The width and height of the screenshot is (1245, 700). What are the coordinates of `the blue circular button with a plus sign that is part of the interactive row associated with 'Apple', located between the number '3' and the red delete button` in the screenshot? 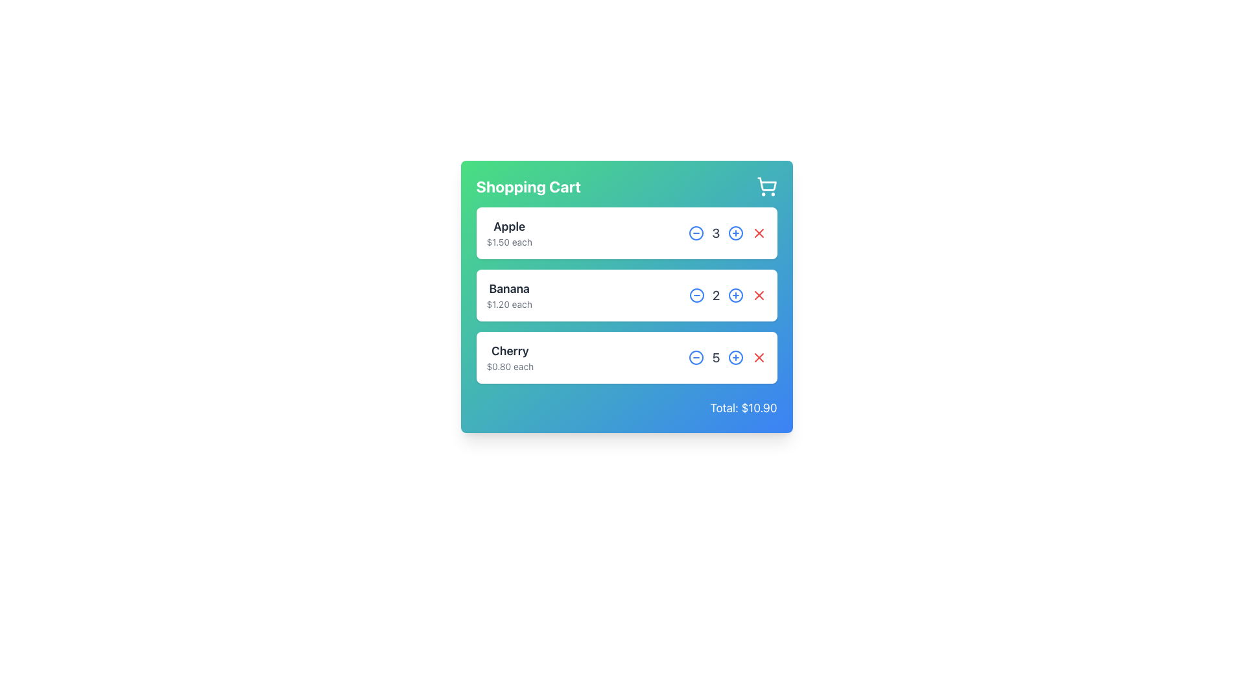 It's located at (735, 232).